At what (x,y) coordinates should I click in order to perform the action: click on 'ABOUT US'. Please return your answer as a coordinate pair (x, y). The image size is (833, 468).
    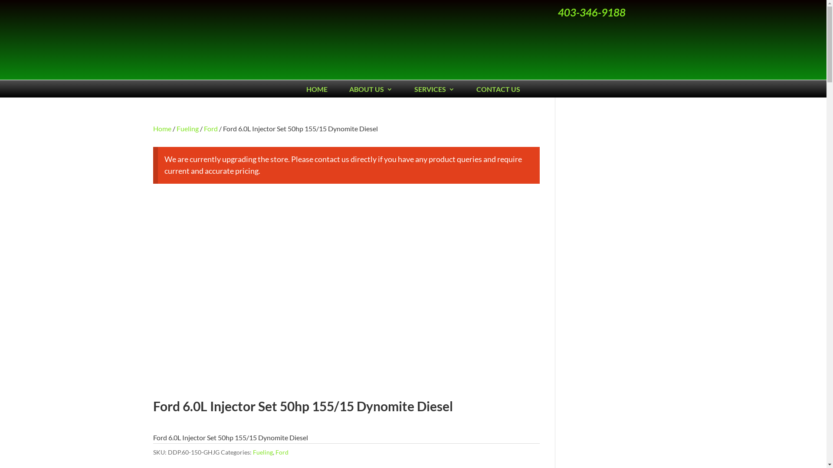
    Looking at the image, I should click on (371, 91).